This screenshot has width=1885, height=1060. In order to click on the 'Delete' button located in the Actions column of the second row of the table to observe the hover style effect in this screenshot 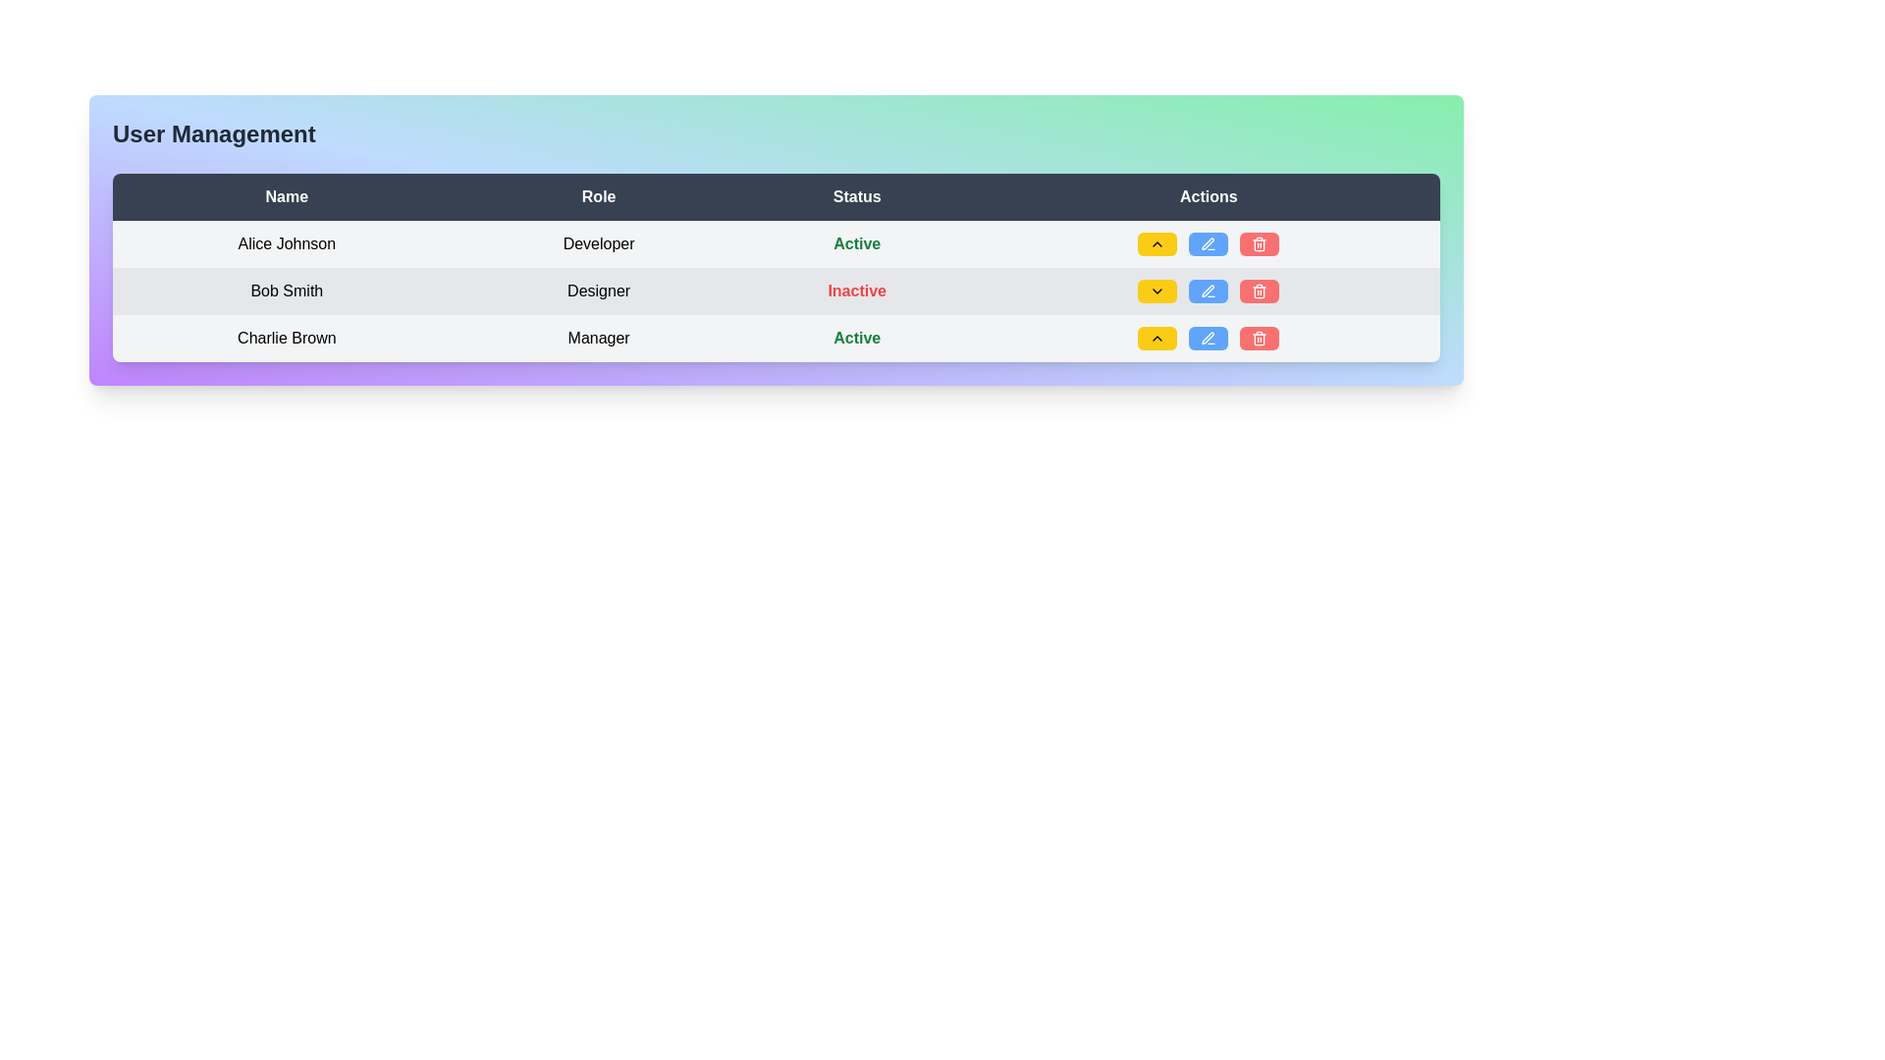, I will do `click(1260, 291)`.